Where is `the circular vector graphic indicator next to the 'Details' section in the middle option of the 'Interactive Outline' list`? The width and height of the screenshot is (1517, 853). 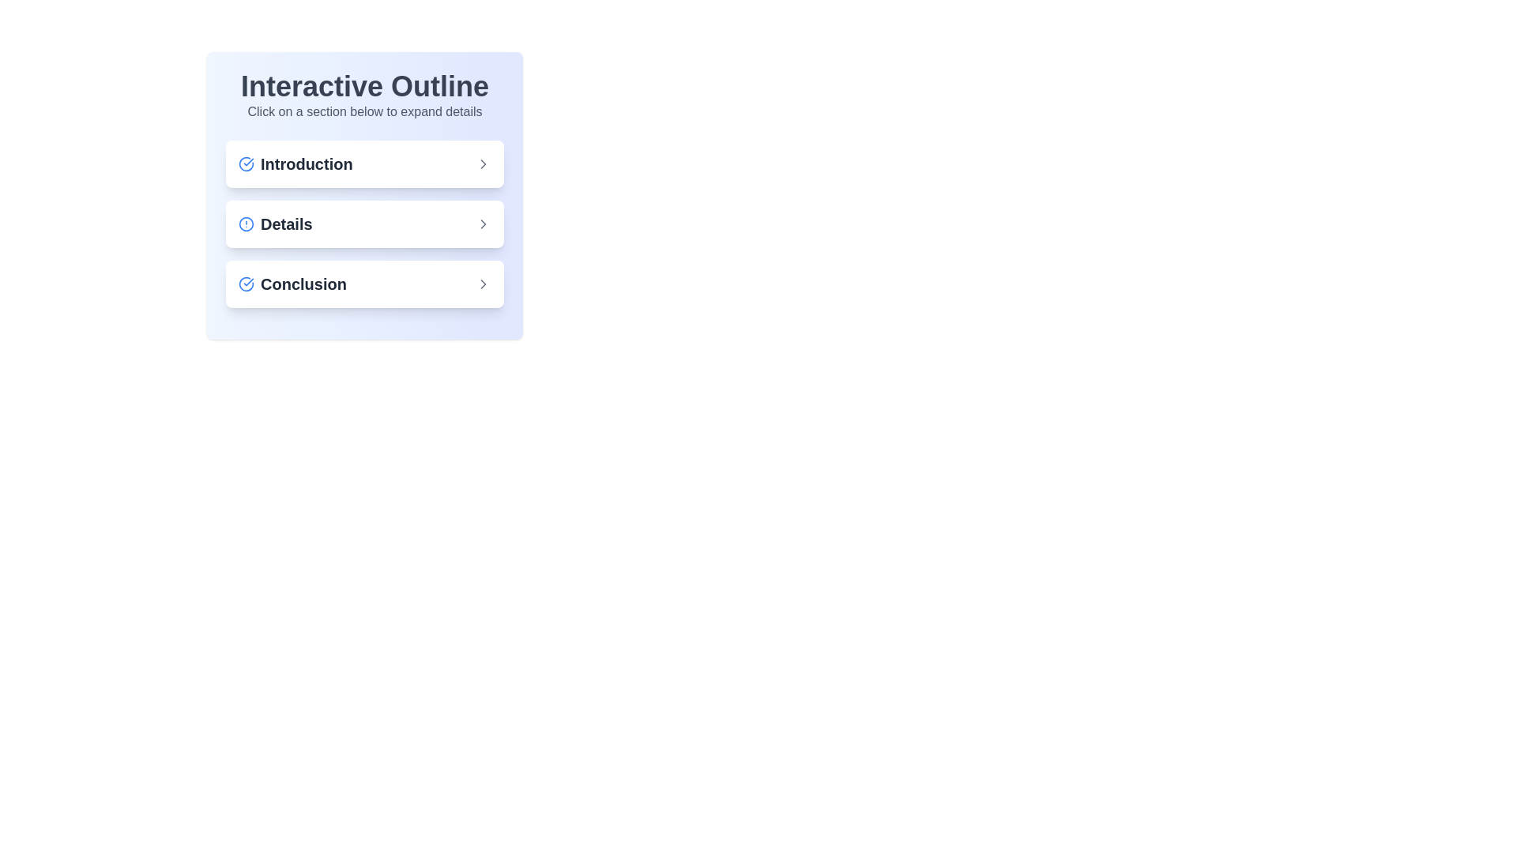 the circular vector graphic indicator next to the 'Details' section in the middle option of the 'Interactive Outline' list is located at coordinates (246, 224).